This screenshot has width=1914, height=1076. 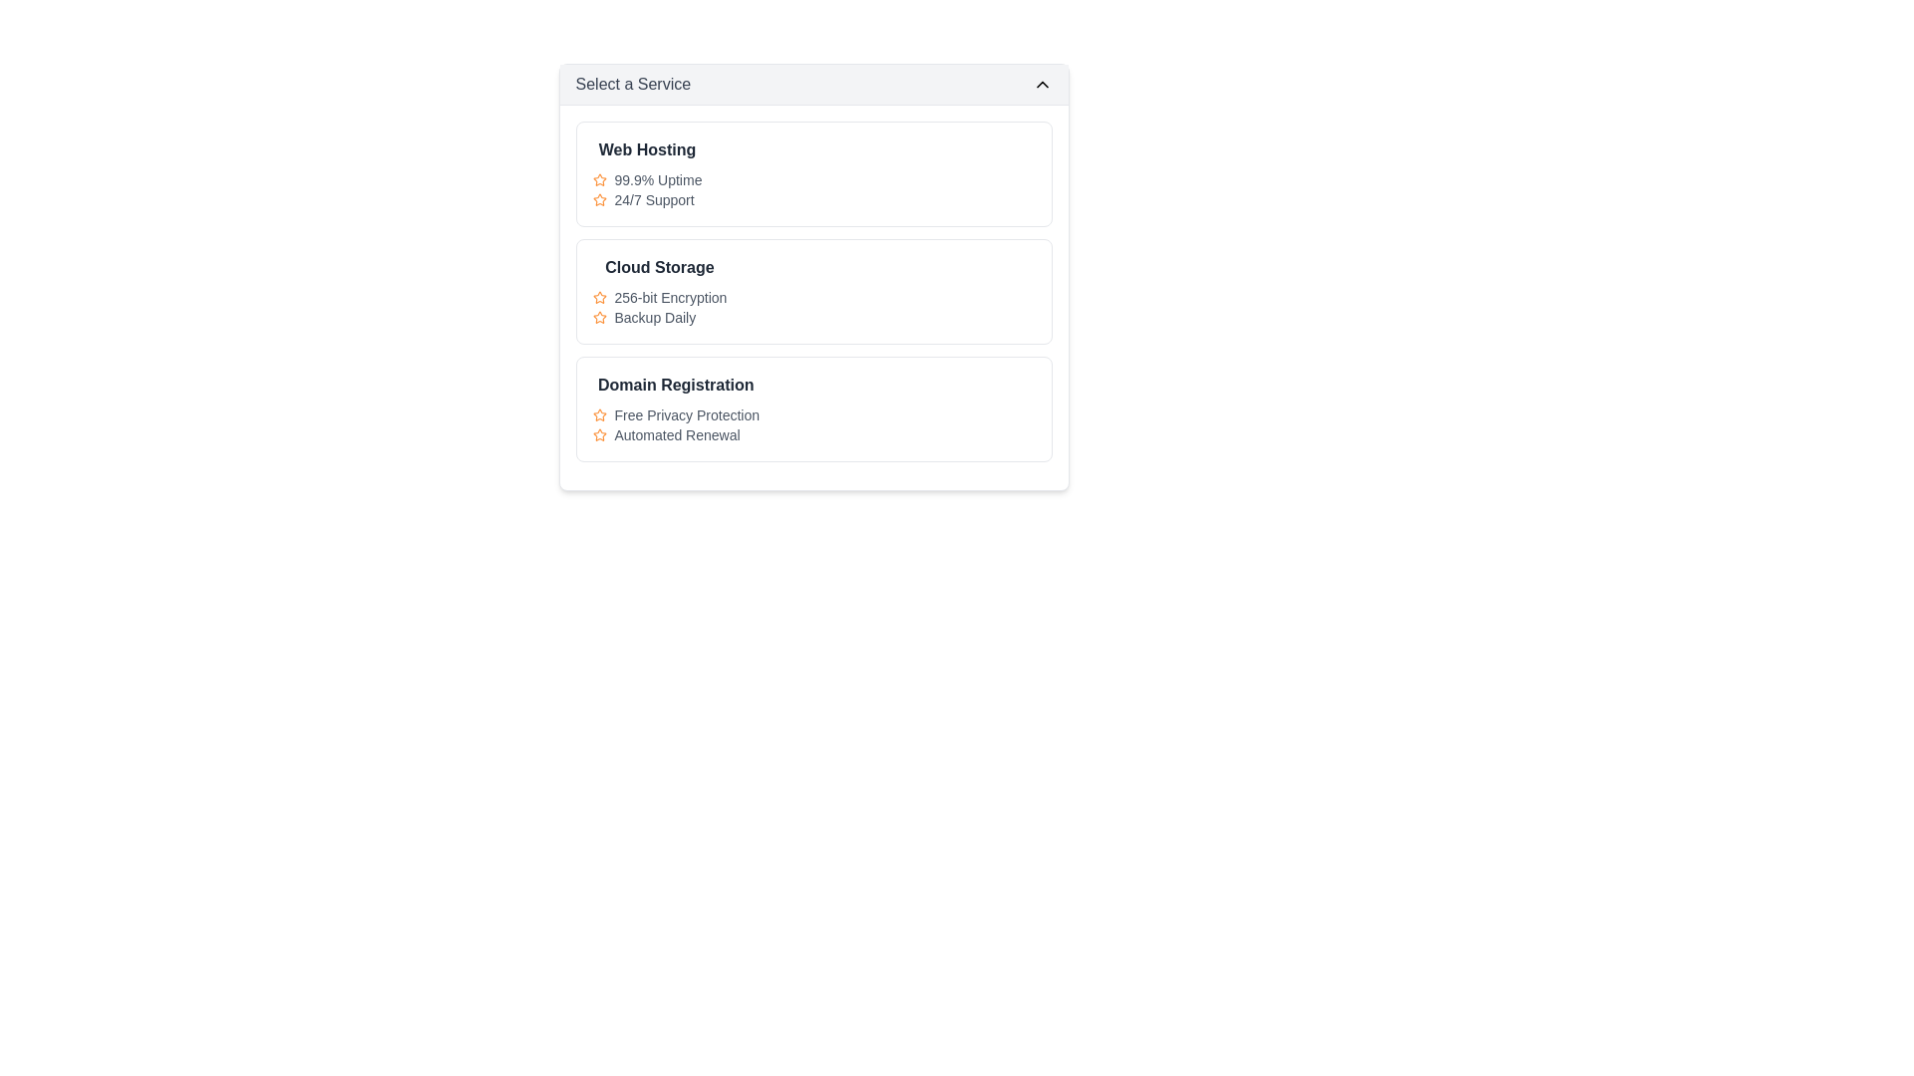 I want to click on the 'Backup Daily' text label, which is styled with a small gray font and preceded by an orange star icon, located in the 'Cloud Storage' panel beneath the '256-bit Encryption' label, so click(x=660, y=317).